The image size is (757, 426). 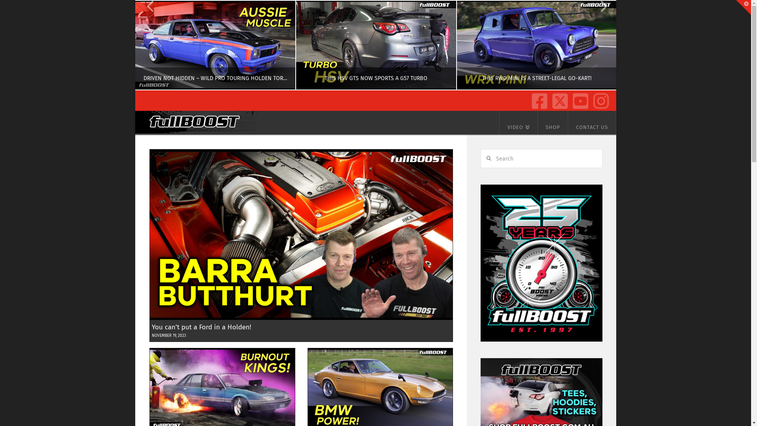 What do you see at coordinates (743, 7) in the screenshot?
I see `'Toggle the Widgetbar'` at bounding box center [743, 7].